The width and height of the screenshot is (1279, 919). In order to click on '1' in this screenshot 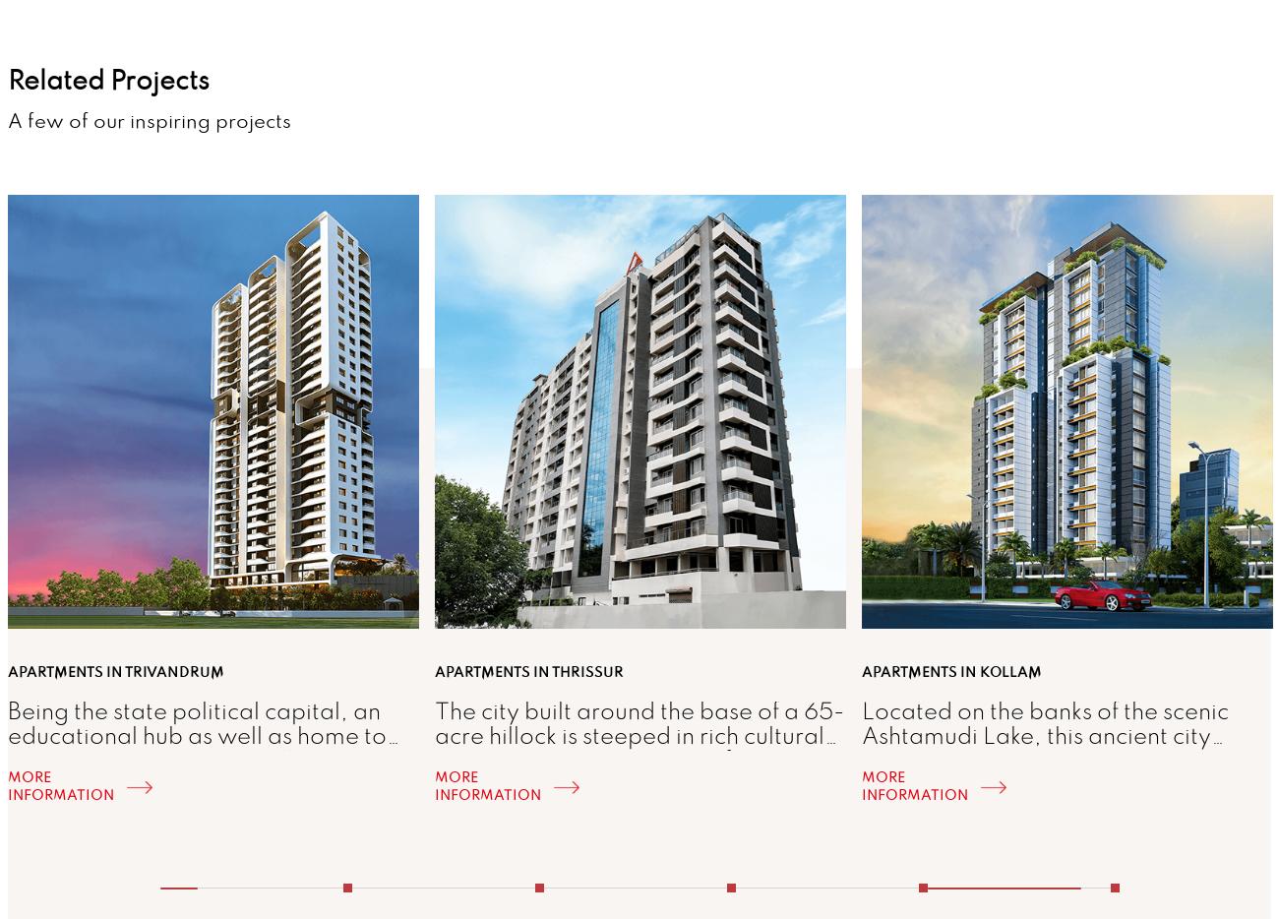, I will do `click(340, 874)`.